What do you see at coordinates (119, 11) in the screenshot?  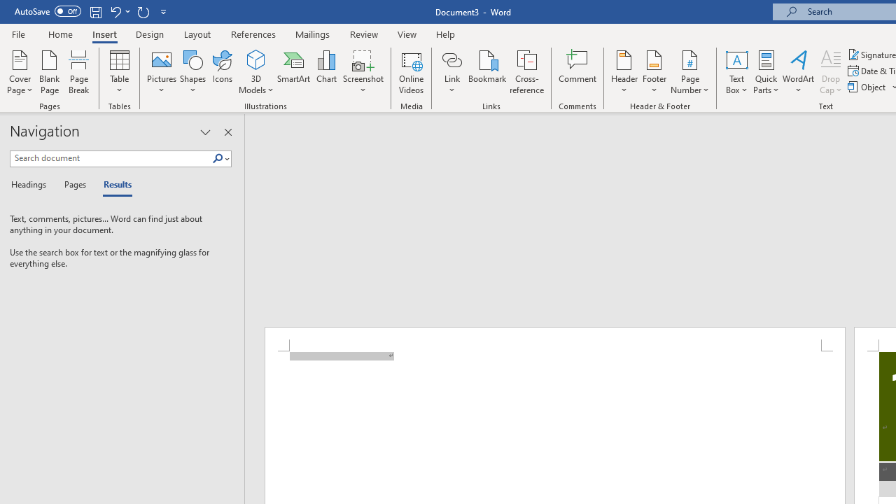 I see `'Undo New Page'` at bounding box center [119, 11].